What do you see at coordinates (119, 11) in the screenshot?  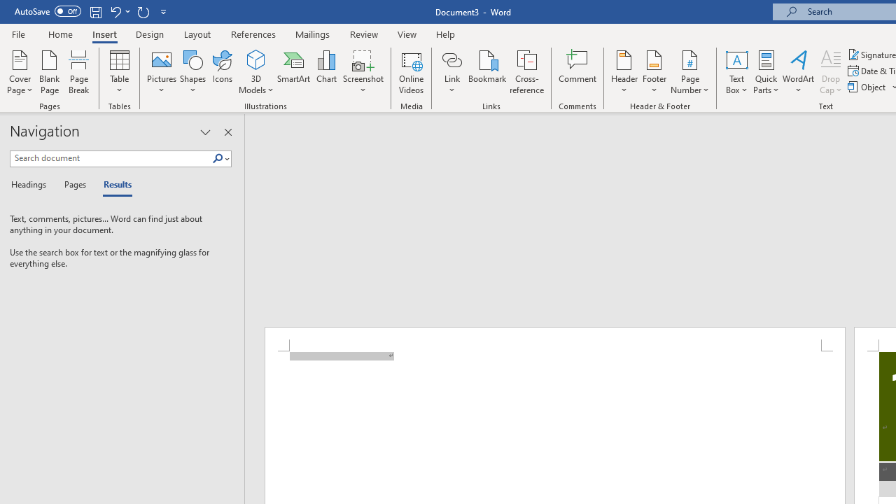 I see `'Undo New Page'` at bounding box center [119, 11].